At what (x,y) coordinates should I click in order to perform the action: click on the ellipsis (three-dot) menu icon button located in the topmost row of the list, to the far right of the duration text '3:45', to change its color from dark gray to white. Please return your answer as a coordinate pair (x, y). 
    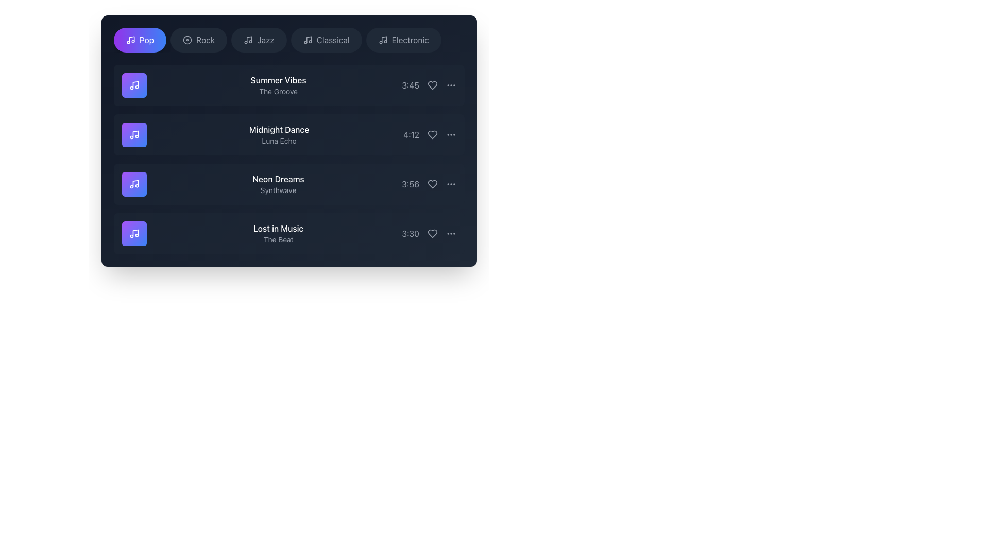
    Looking at the image, I should click on (451, 84).